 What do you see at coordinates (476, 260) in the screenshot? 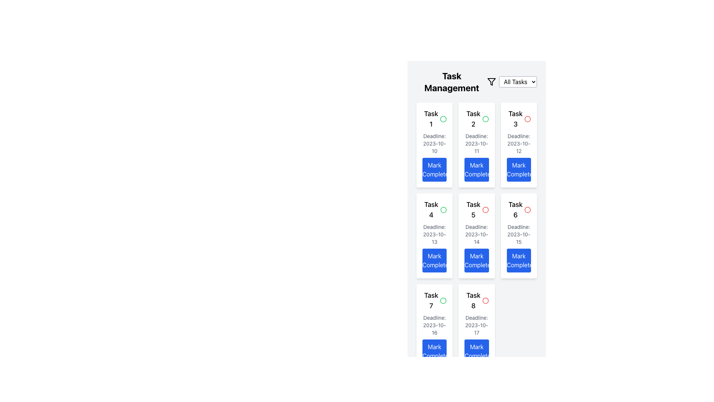
I see `the 'Mark Completed' button at the bottom of the 'Task 5' card` at bounding box center [476, 260].